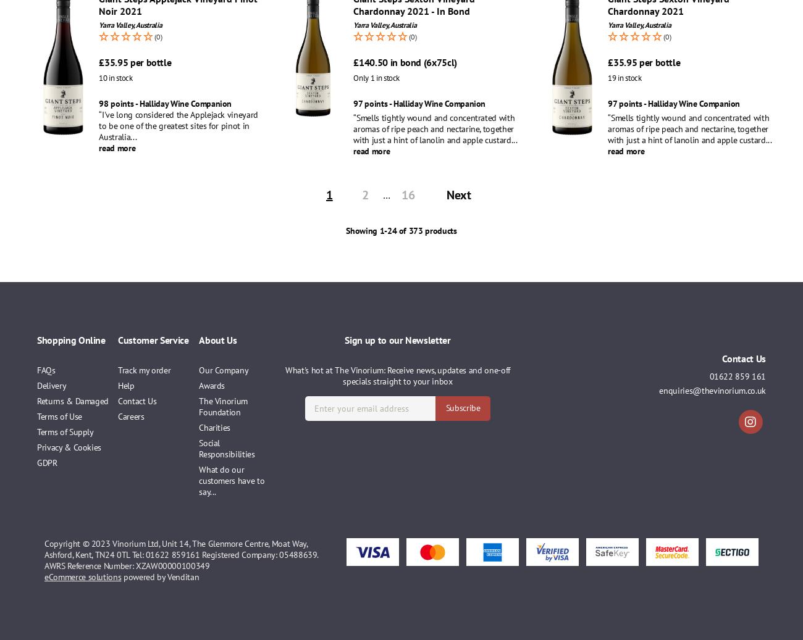 This screenshot has height=640, width=803. What do you see at coordinates (46, 370) in the screenshot?
I see `'FAQs'` at bounding box center [46, 370].